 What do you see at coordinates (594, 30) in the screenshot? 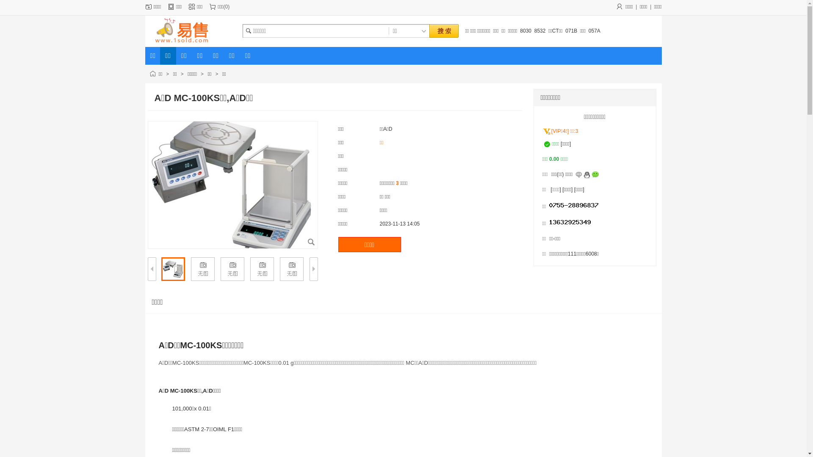
I see `'057A'` at bounding box center [594, 30].